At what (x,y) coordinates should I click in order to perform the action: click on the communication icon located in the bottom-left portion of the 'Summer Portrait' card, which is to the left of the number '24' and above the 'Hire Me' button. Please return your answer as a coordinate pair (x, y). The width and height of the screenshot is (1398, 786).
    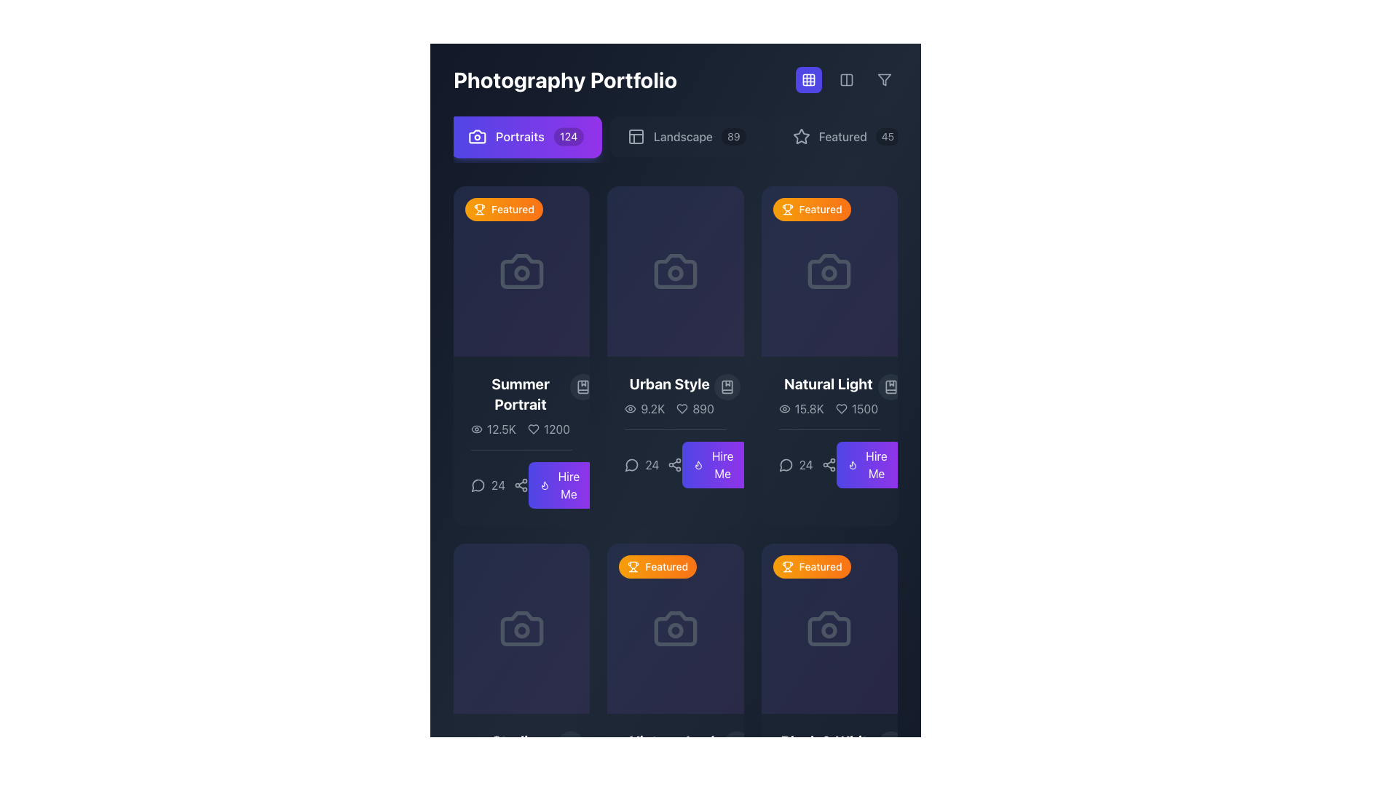
    Looking at the image, I should click on (478, 485).